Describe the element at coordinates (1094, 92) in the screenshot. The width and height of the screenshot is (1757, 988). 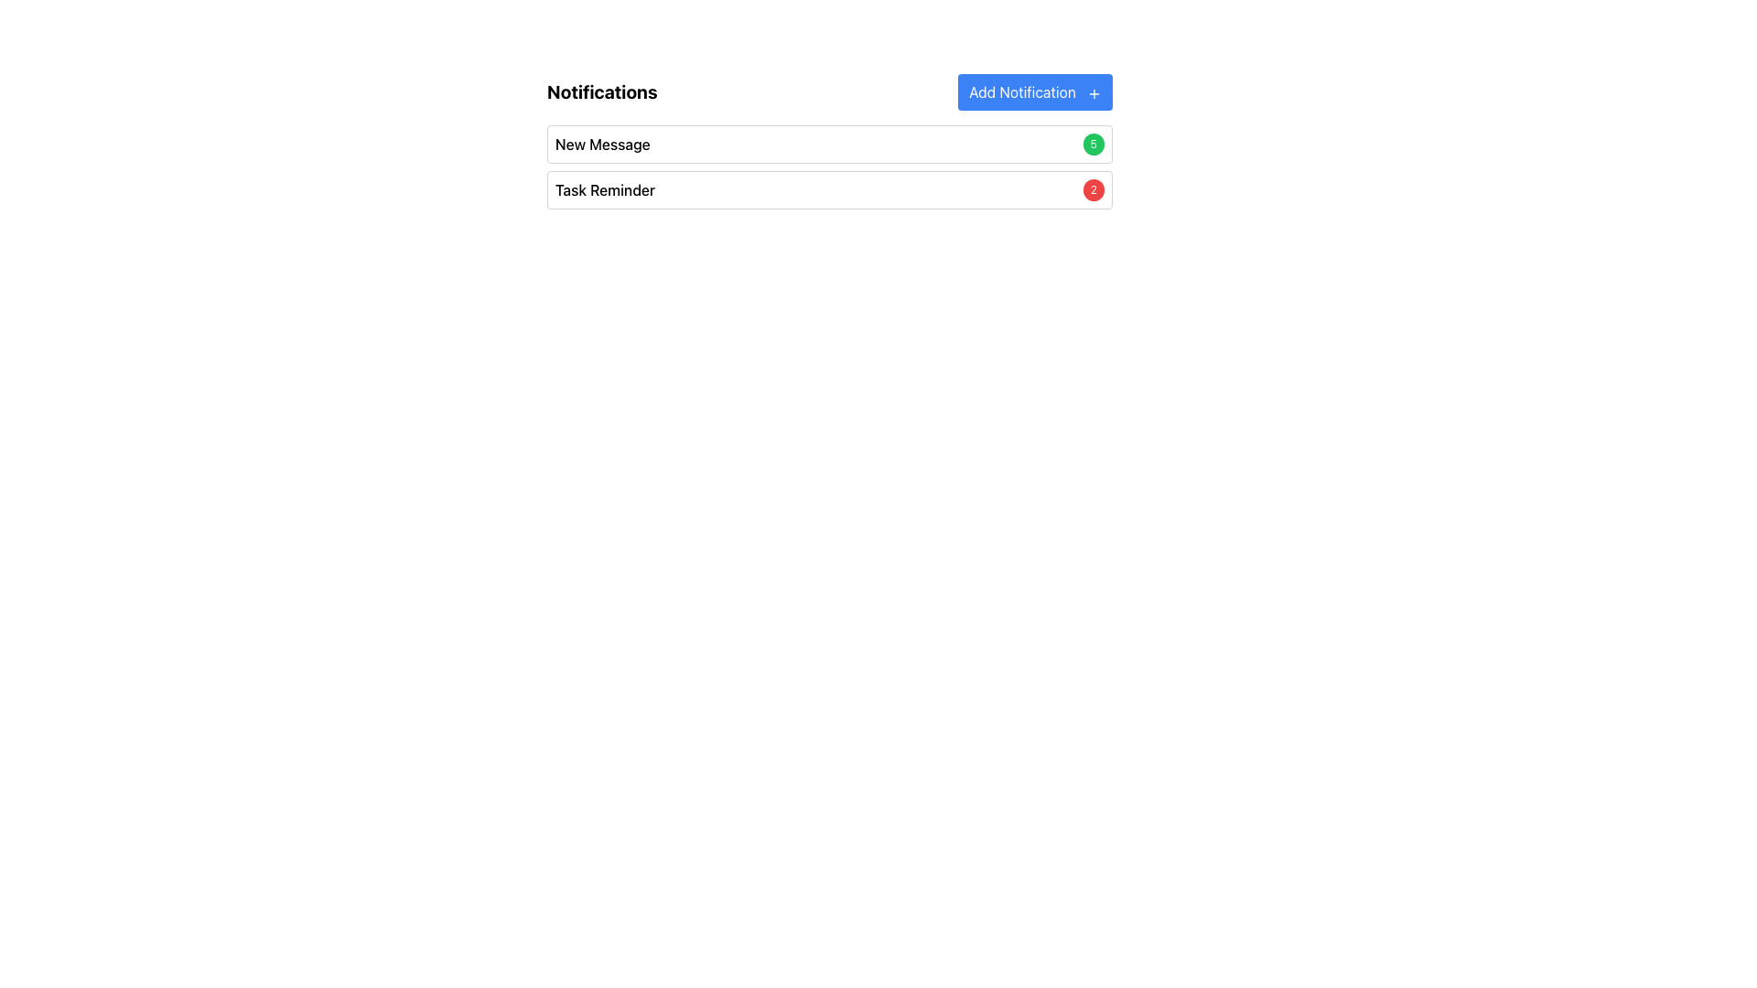
I see `the '+' icon located on the rightmost side of the 'Add Notification' button in the top-right section of the main interface` at that location.